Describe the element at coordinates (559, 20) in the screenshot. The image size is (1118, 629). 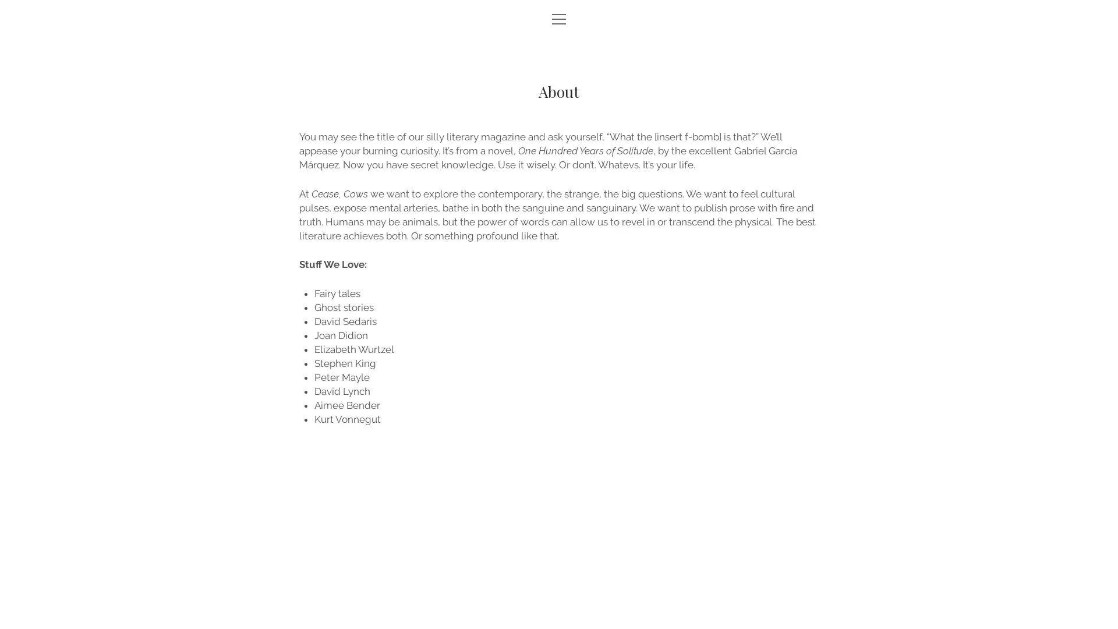
I see `open menu` at that location.